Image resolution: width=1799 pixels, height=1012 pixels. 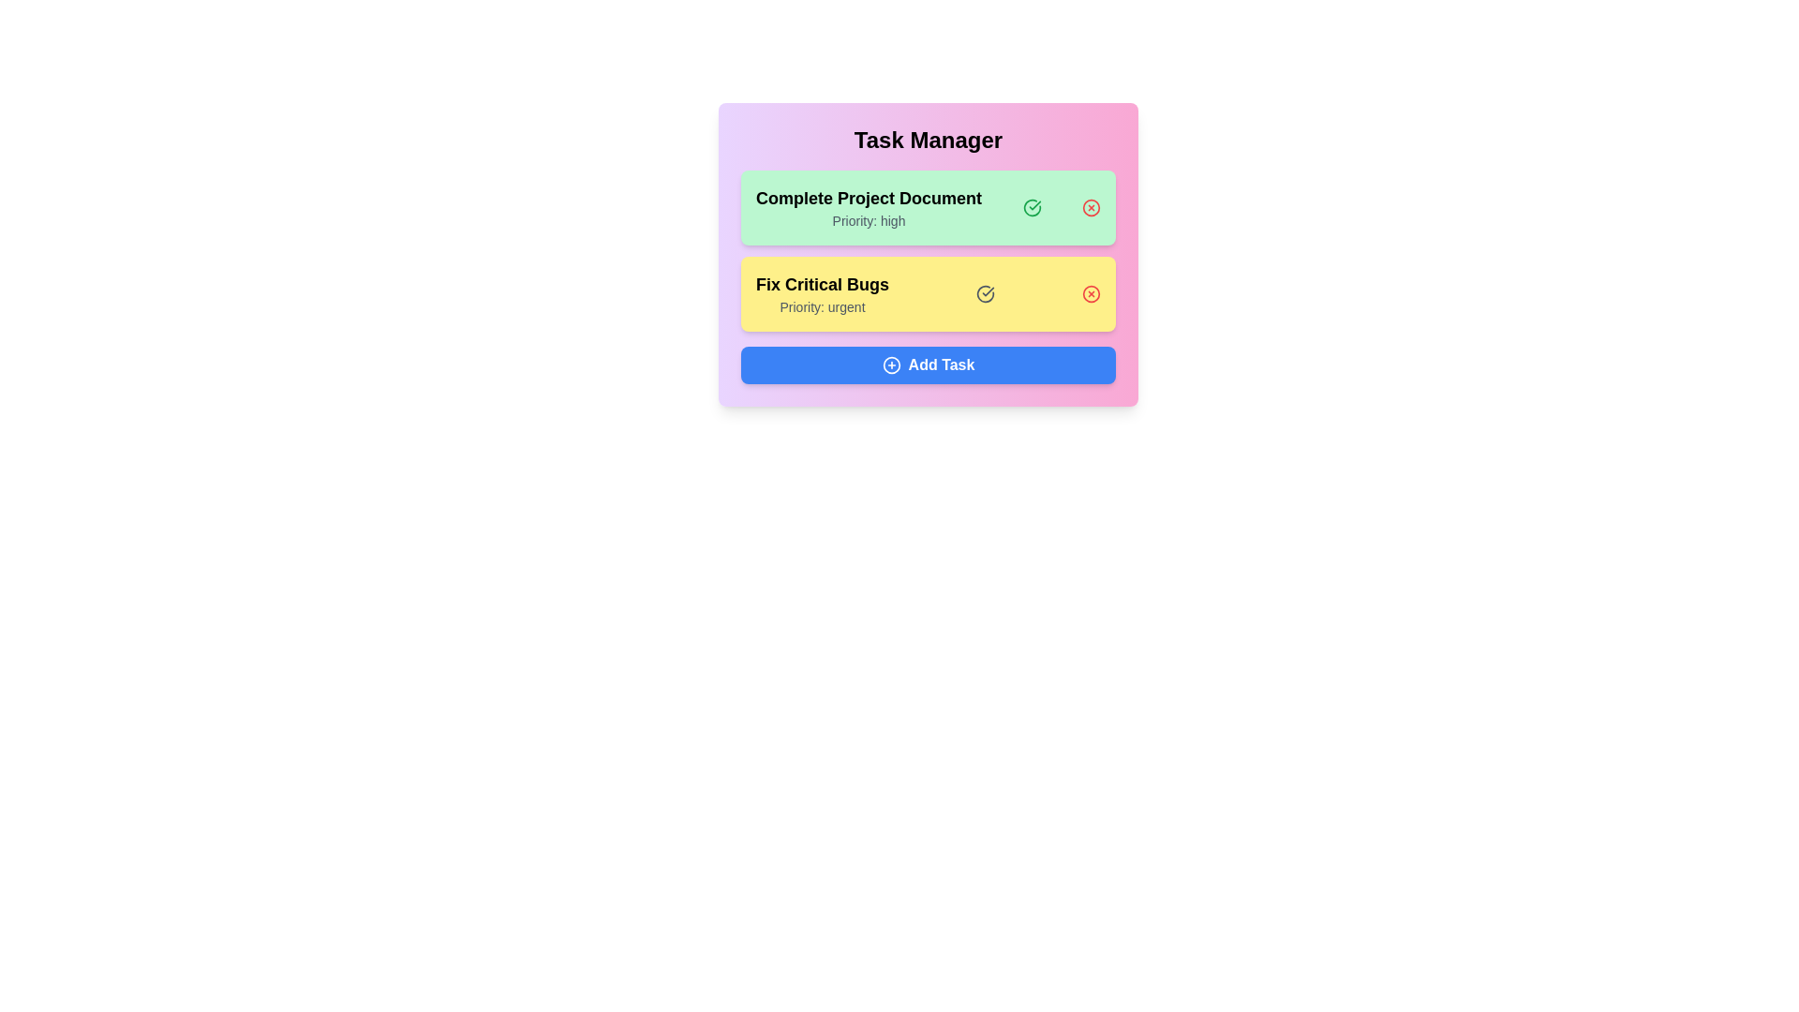 I want to click on the remove icon corresponding to the task titled 'Fix Critical Bugs', so click(x=1092, y=293).